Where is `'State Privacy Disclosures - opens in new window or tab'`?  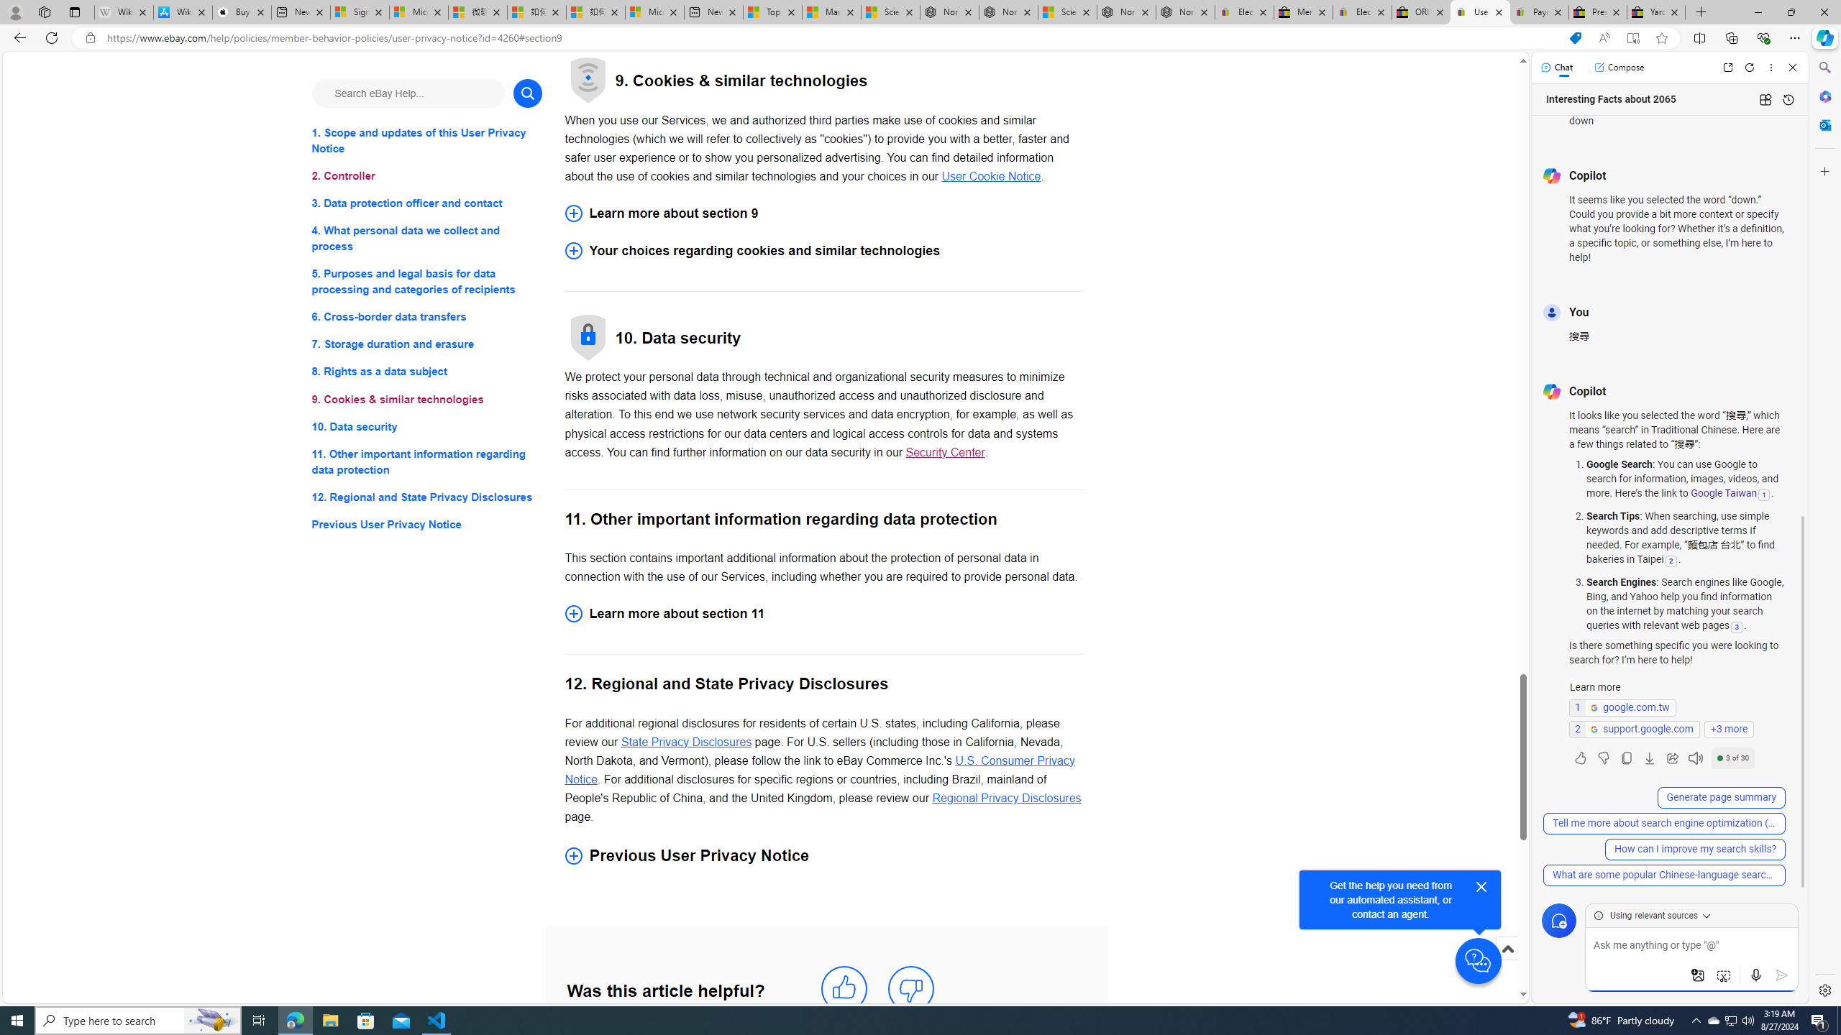
'State Privacy Disclosures - opens in new window or tab' is located at coordinates (685, 740).